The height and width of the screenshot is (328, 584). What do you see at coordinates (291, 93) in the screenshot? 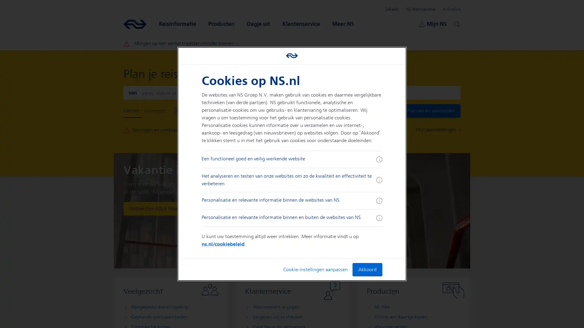
I see `Wissel aankomst en vertrek locaties om` at bounding box center [291, 93].